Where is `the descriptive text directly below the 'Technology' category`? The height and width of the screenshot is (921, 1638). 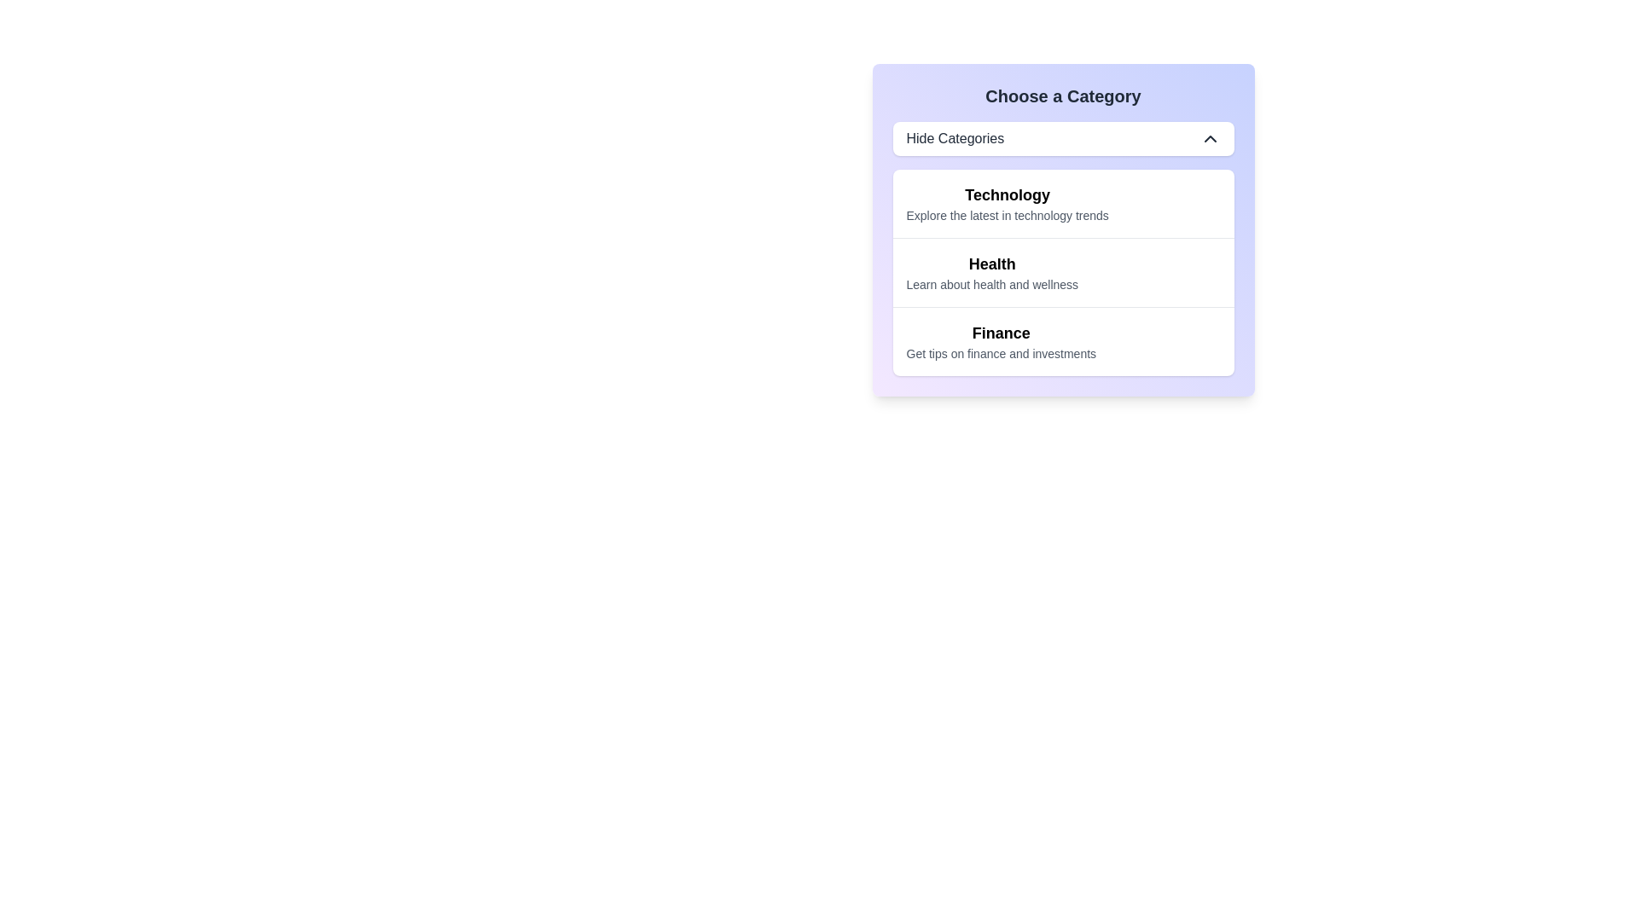
the descriptive text directly below the 'Technology' category is located at coordinates (1008, 215).